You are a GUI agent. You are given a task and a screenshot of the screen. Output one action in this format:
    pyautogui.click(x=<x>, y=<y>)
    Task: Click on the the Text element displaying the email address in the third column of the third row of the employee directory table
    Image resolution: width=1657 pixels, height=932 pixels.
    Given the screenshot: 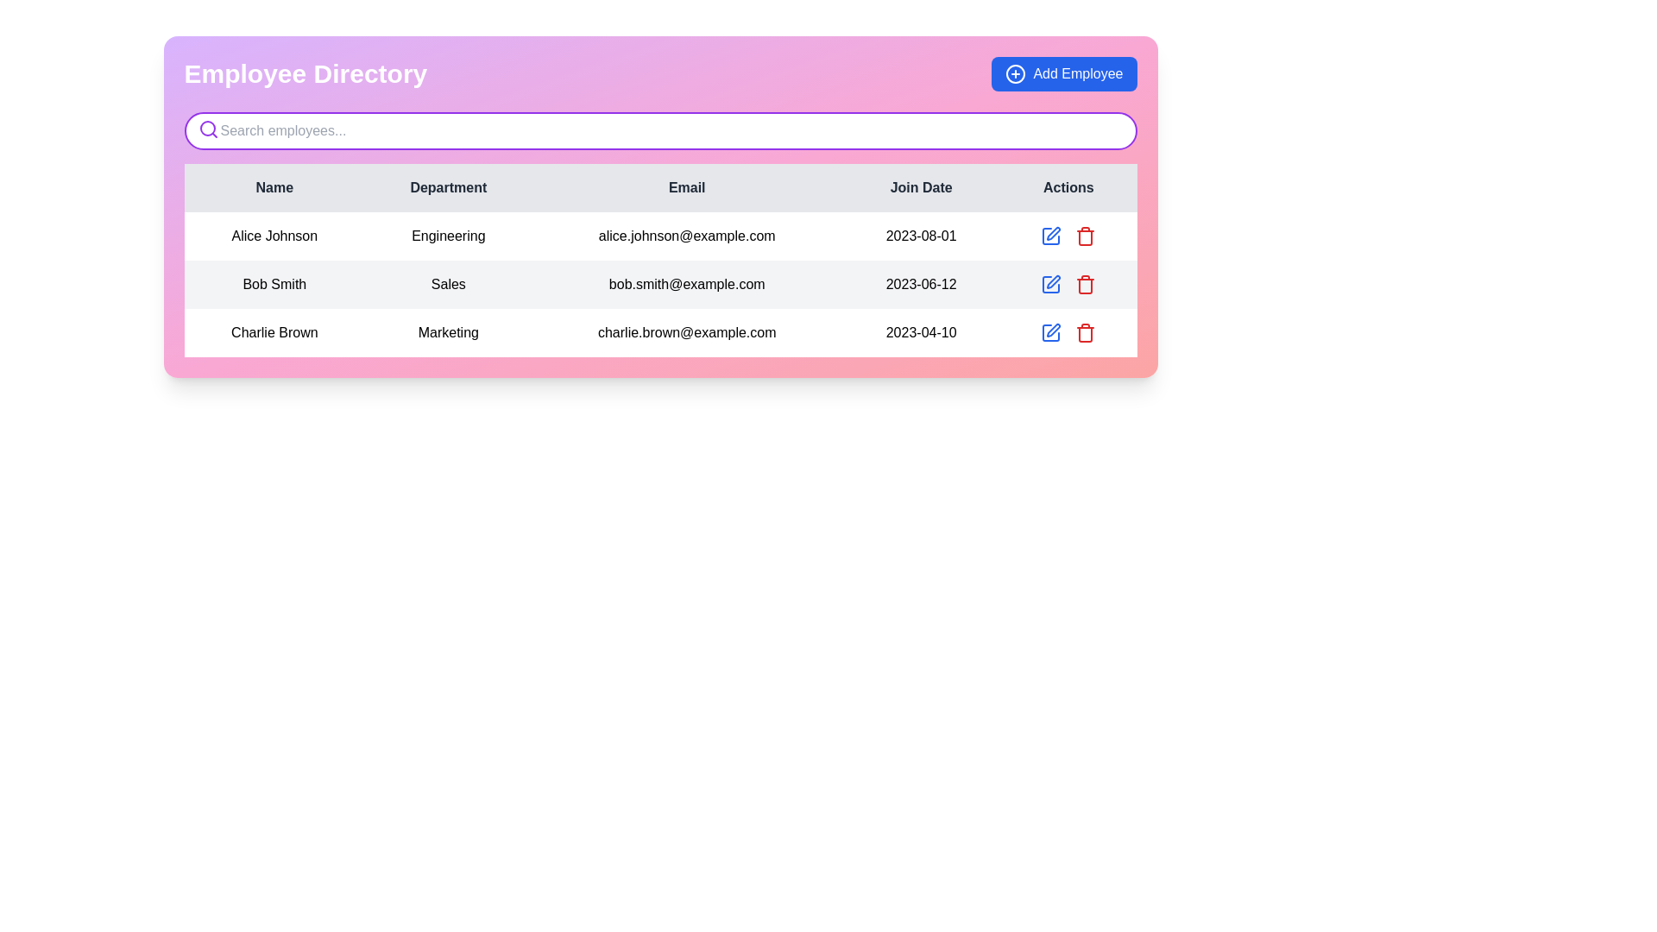 What is the action you would take?
    pyautogui.click(x=686, y=332)
    